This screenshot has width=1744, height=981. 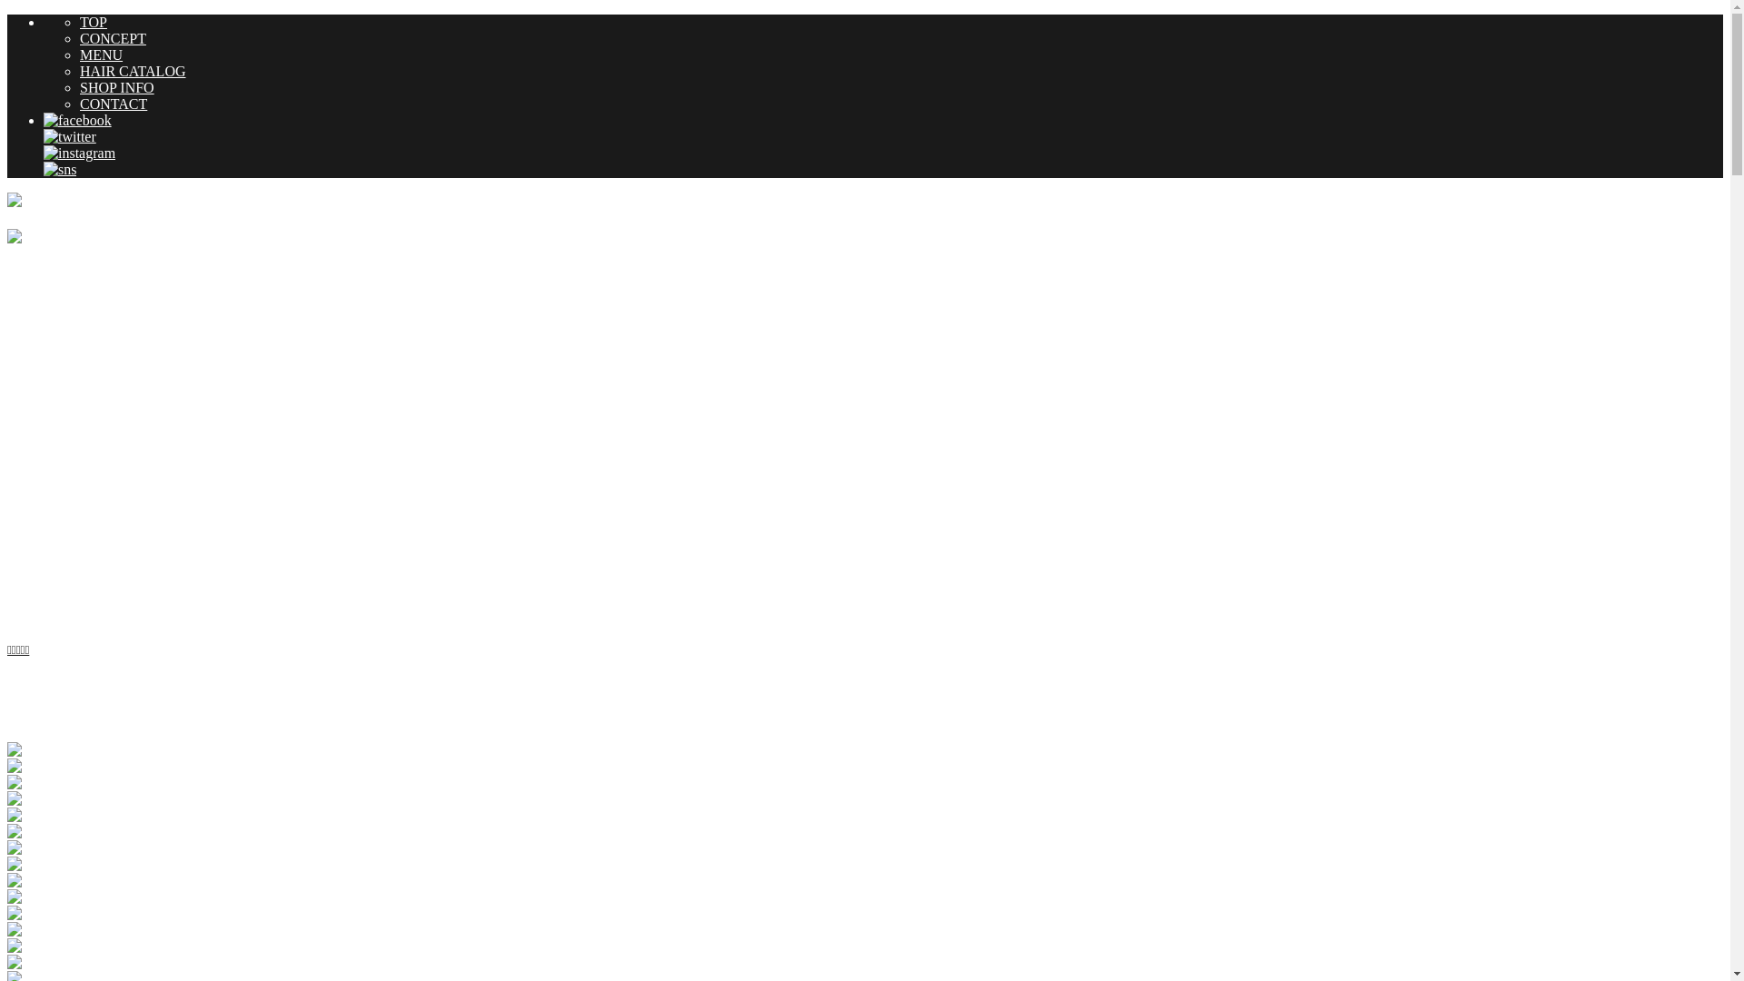 What do you see at coordinates (112, 38) in the screenshot?
I see `'CONCEPT'` at bounding box center [112, 38].